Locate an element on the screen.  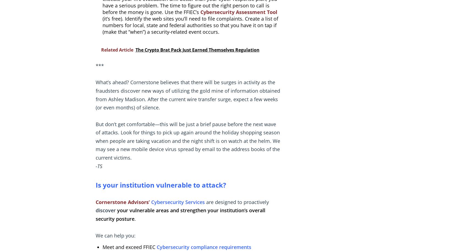
'Cornerstone Advisors’' is located at coordinates (122, 202).